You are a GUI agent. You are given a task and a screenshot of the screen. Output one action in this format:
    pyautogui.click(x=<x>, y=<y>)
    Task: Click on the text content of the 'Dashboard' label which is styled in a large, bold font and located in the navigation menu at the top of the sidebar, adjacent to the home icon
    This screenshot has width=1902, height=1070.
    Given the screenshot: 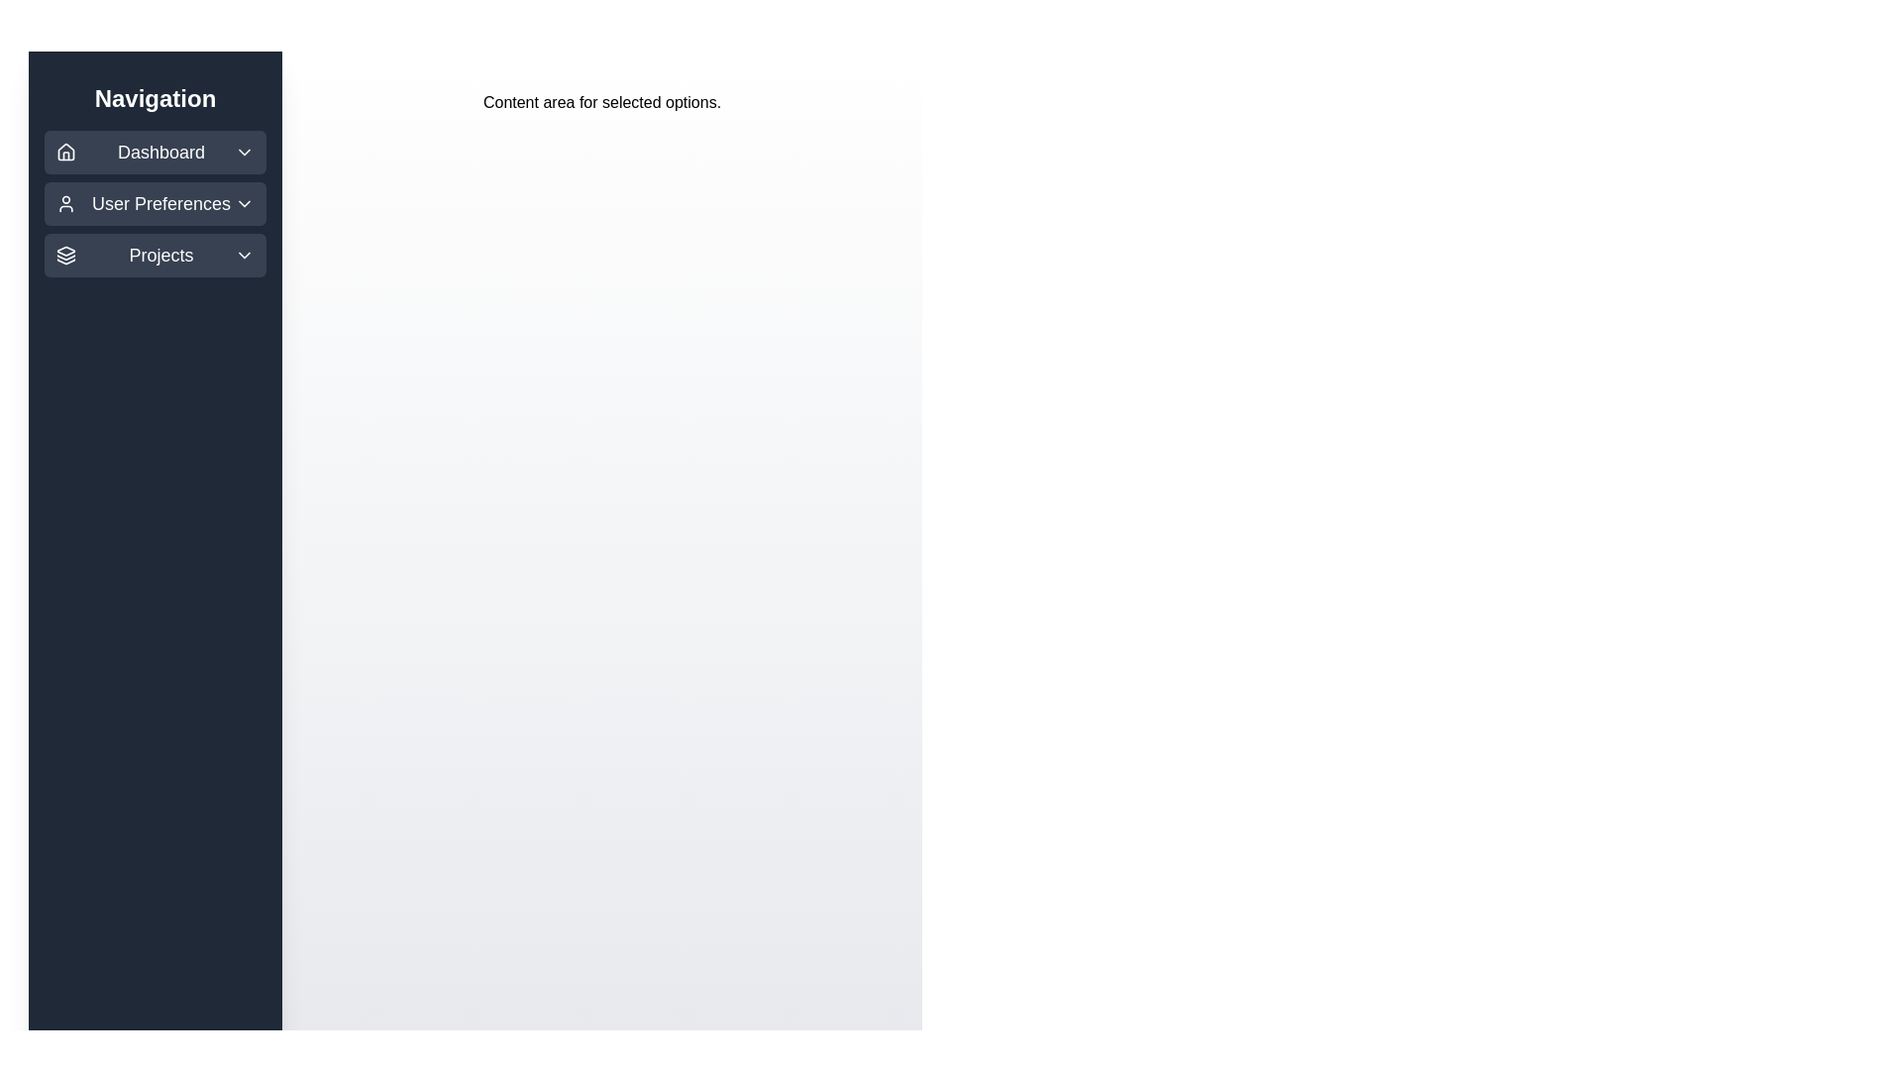 What is the action you would take?
    pyautogui.click(x=161, y=152)
    